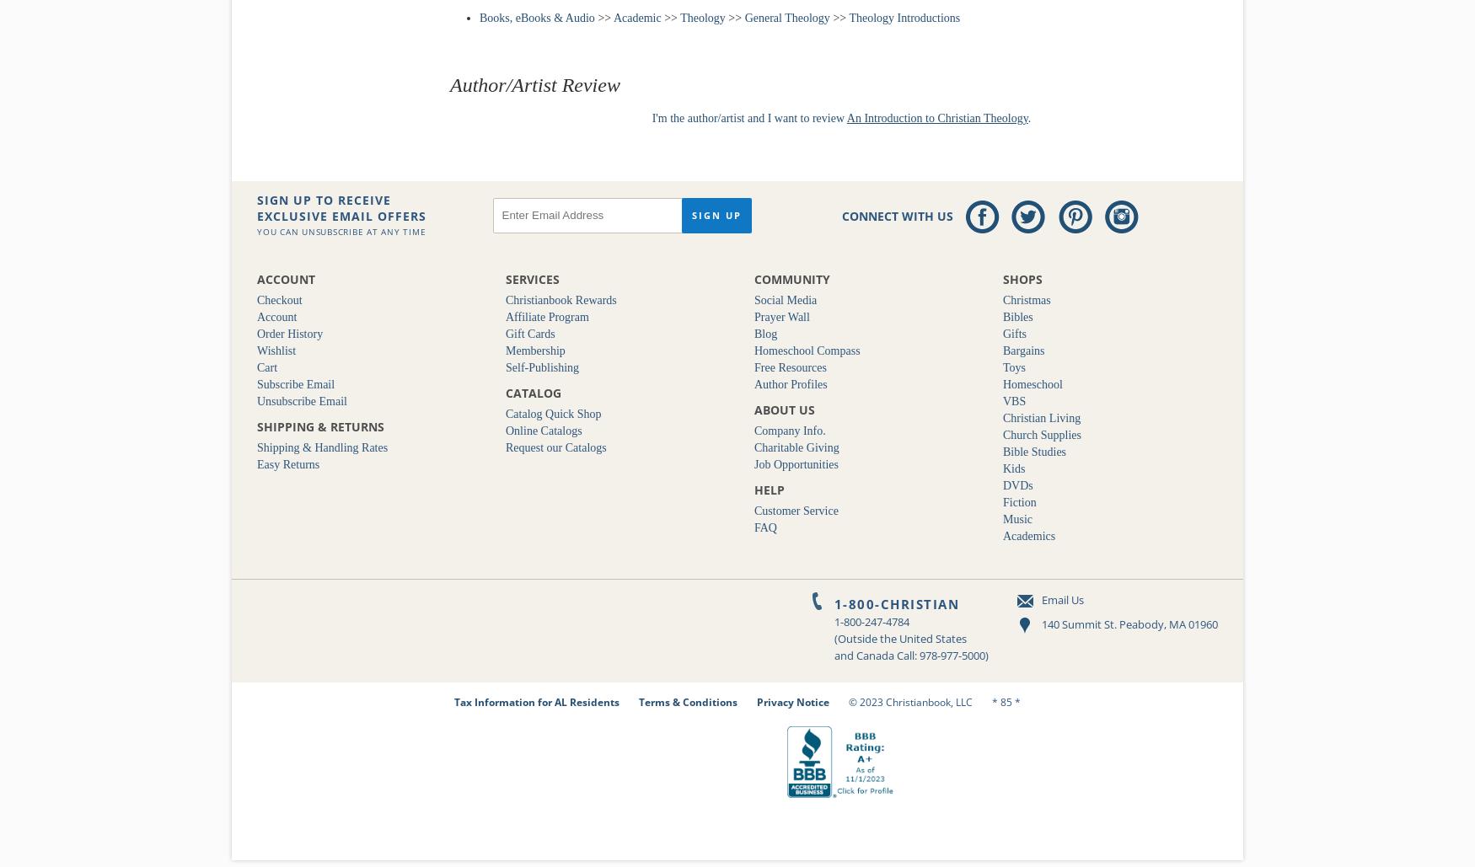  What do you see at coordinates (919, 654) in the screenshot?
I see `'978-977-5000'` at bounding box center [919, 654].